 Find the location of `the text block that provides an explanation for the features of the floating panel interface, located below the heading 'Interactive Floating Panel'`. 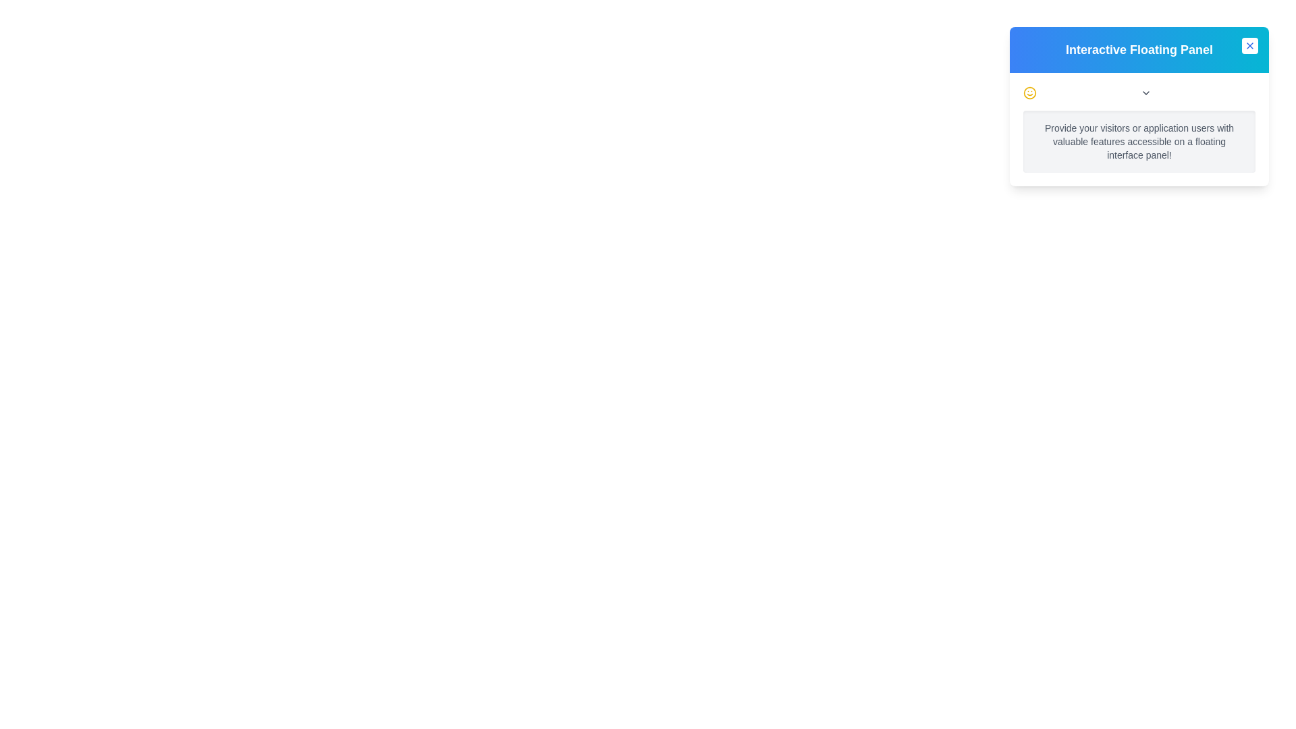

the text block that provides an explanation for the features of the floating panel interface, located below the heading 'Interactive Floating Panel' is located at coordinates (1139, 130).